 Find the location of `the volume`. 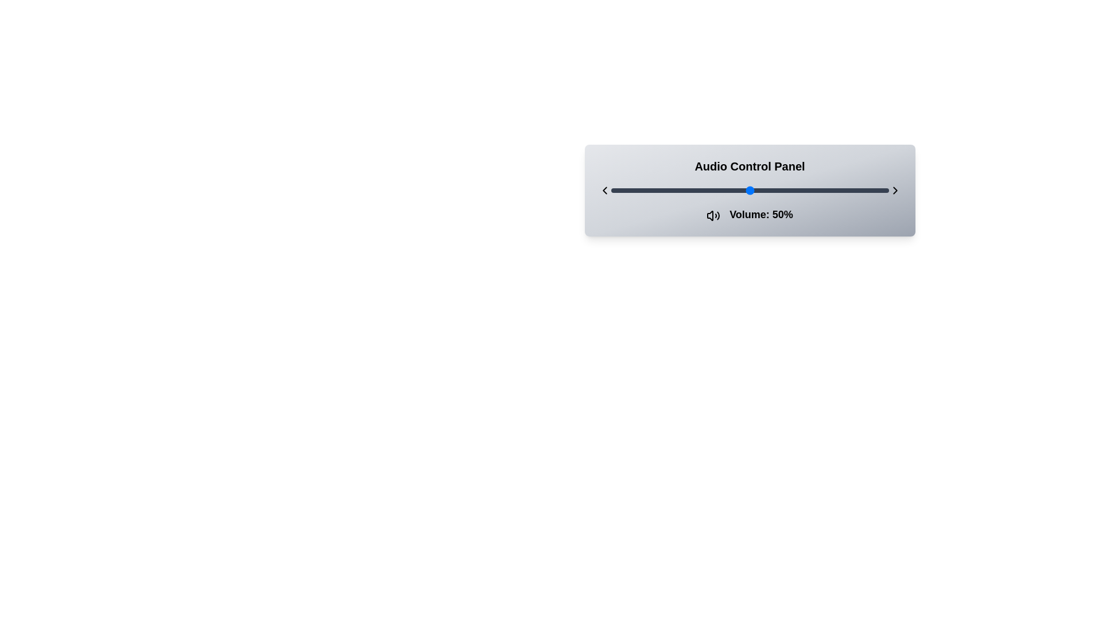

the volume is located at coordinates (810, 189).